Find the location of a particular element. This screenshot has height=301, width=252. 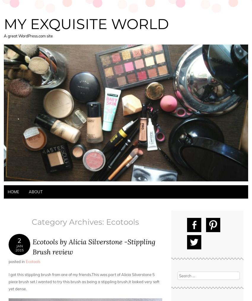

'Jan' is located at coordinates (16, 246).